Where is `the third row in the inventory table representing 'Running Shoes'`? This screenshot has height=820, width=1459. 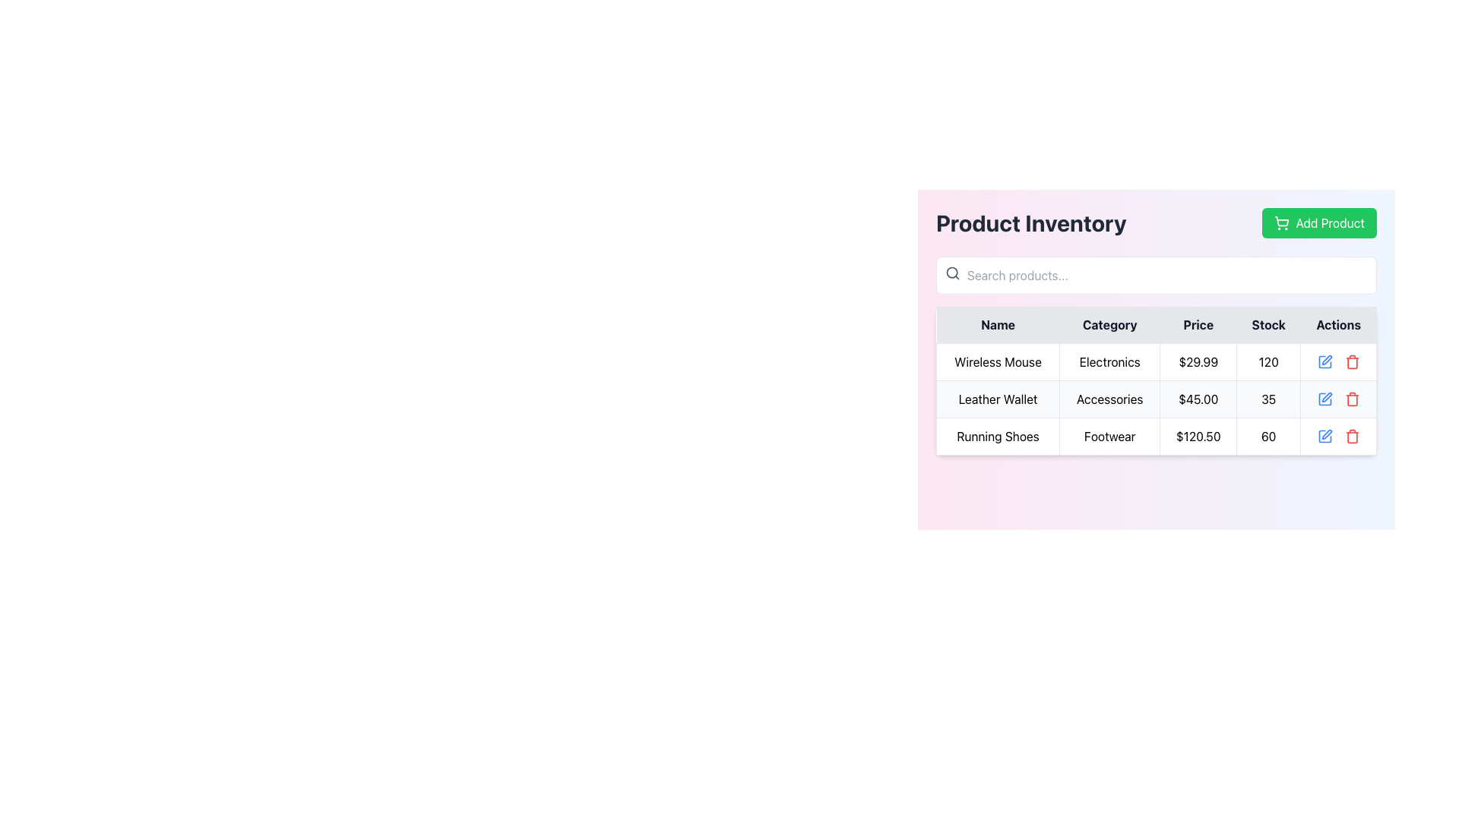 the third row in the inventory table representing 'Running Shoes' is located at coordinates (1155, 436).